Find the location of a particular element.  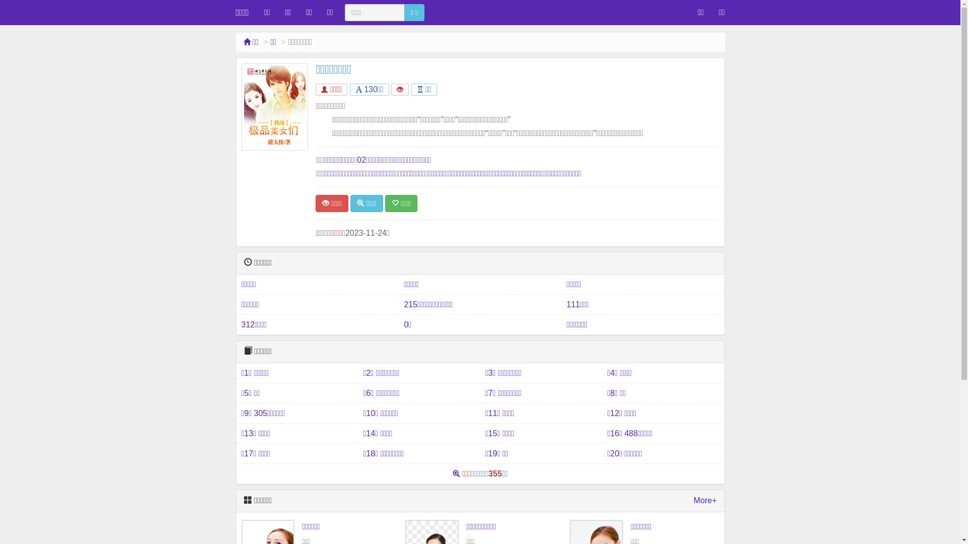

'More+' is located at coordinates (693, 501).